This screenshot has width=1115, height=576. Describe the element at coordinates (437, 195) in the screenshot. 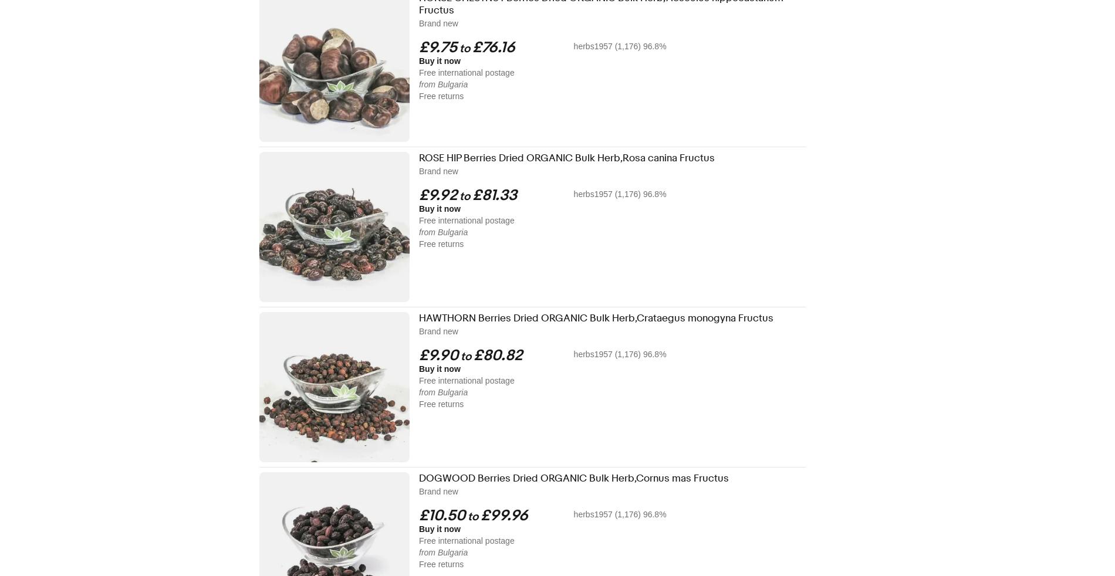

I see `'£9.92'` at that location.